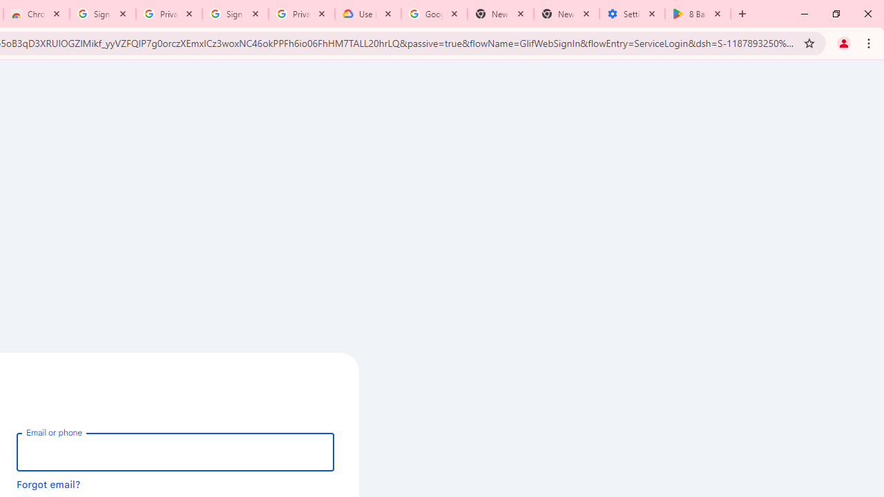 The height and width of the screenshot is (497, 884). Describe the element at coordinates (698, 14) in the screenshot. I see `'8 Ball Pool - Apps on Google Play'` at that location.